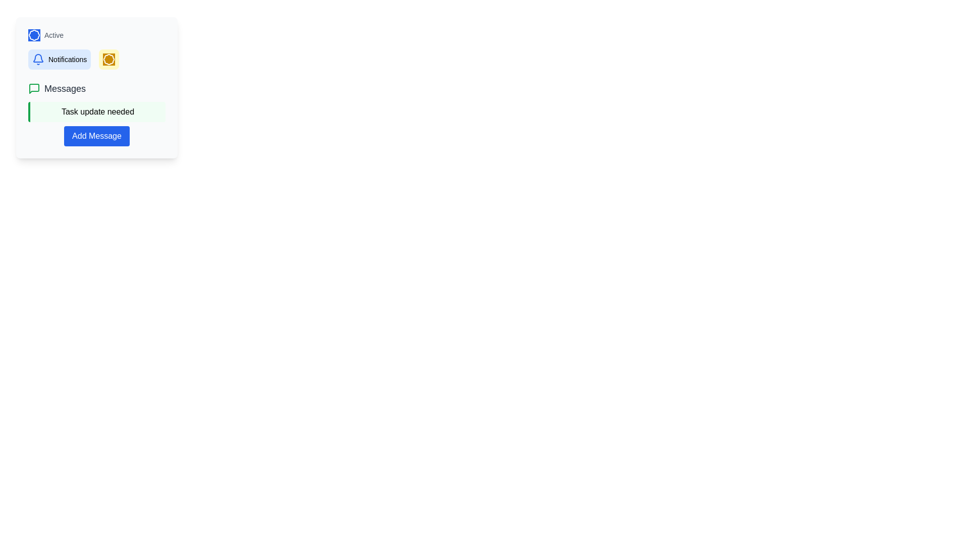 Image resolution: width=969 pixels, height=545 pixels. Describe the element at coordinates (97, 112) in the screenshot. I see `the Notification label displaying 'Task update needed', which is positioned under the 'Messages' heading and above the 'Add Message' button` at that location.